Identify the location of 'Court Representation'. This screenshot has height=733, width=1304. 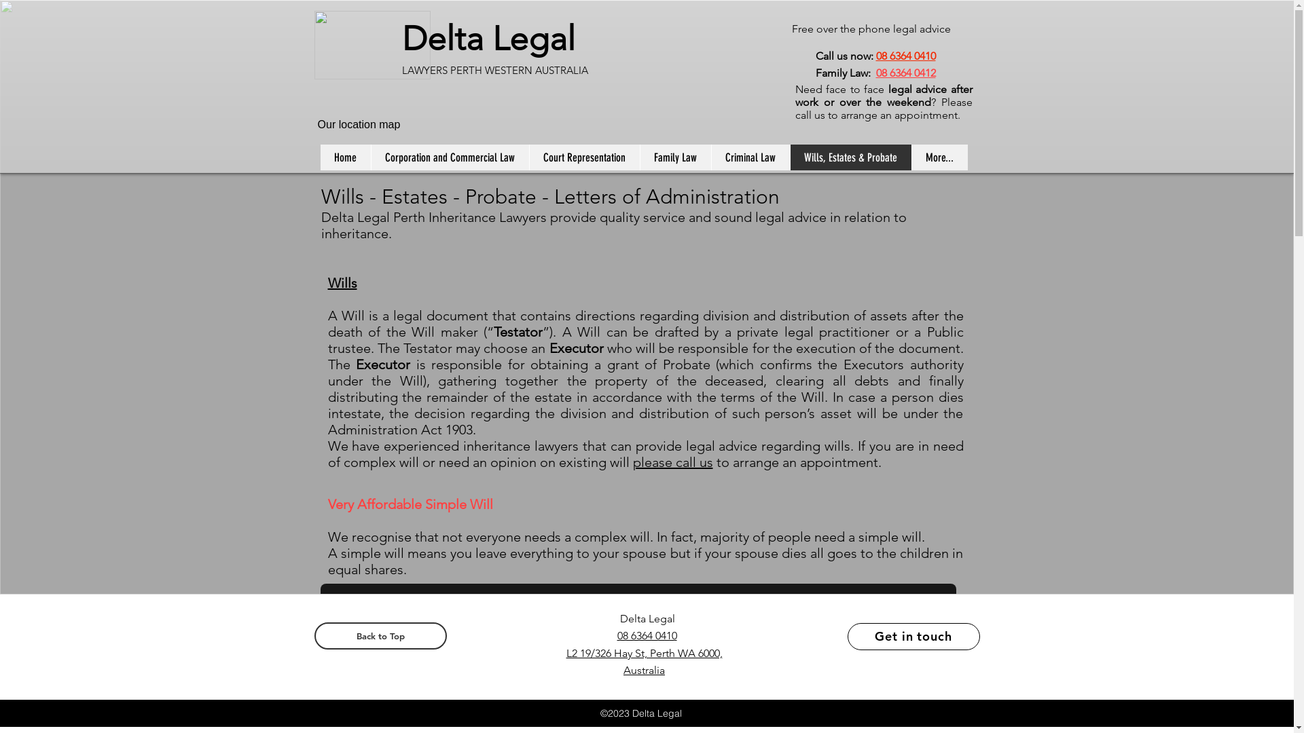
(583, 156).